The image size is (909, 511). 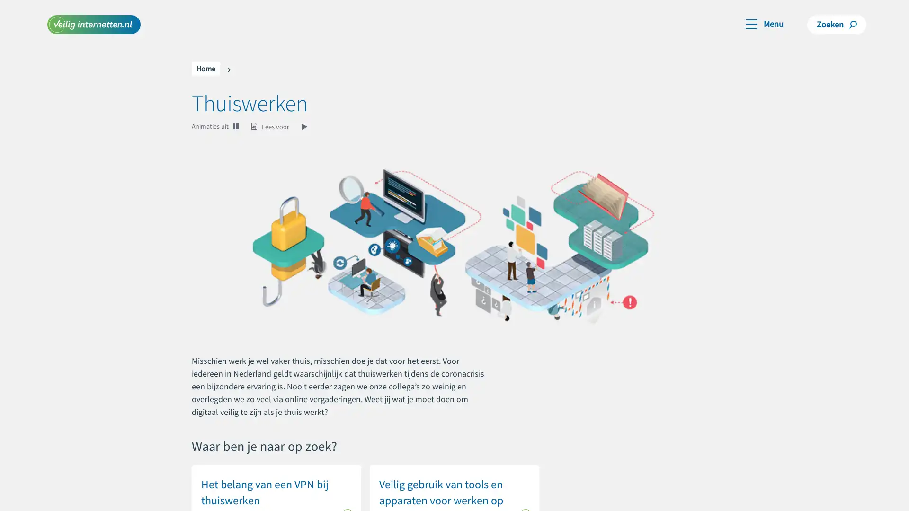 I want to click on Animaties uit, so click(x=210, y=125).